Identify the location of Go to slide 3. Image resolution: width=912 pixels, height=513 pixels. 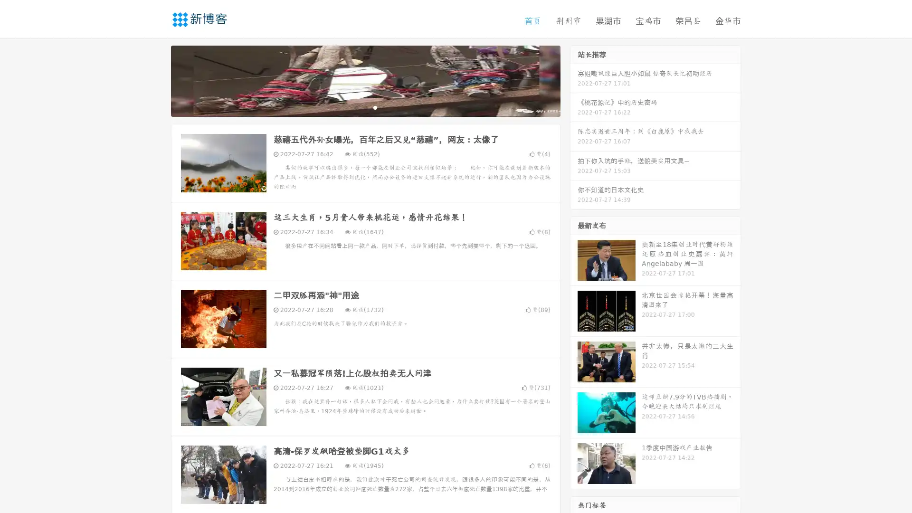
(375, 107).